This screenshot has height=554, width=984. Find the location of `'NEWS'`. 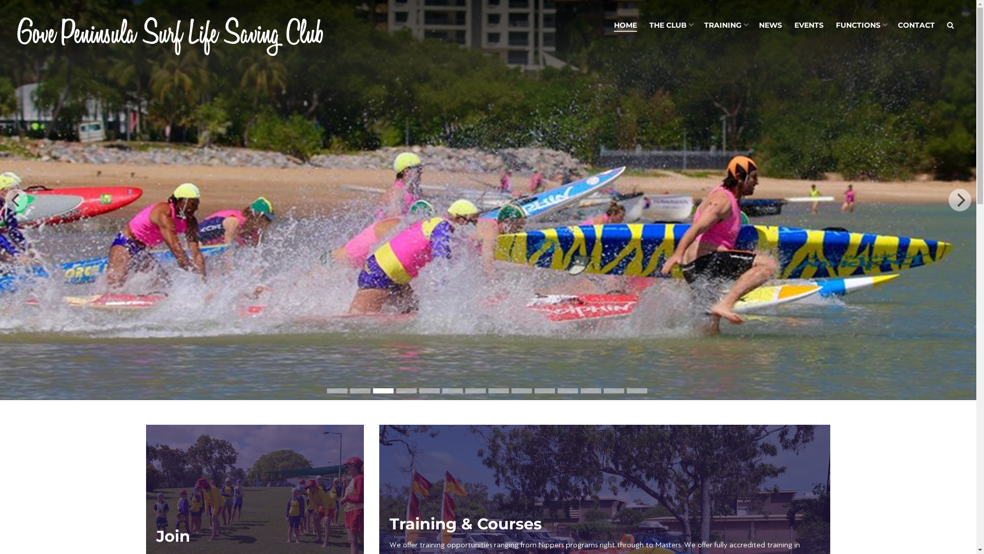

'NEWS' is located at coordinates (770, 25).